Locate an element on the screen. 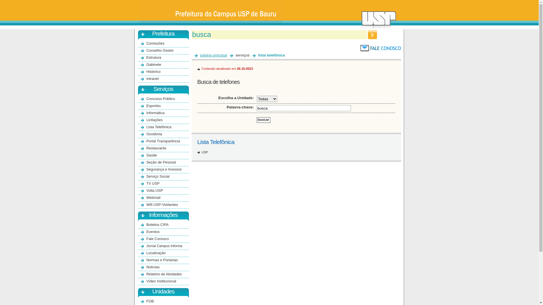 Image resolution: width=543 pixels, height=305 pixels. 'USP' is located at coordinates (204, 152).